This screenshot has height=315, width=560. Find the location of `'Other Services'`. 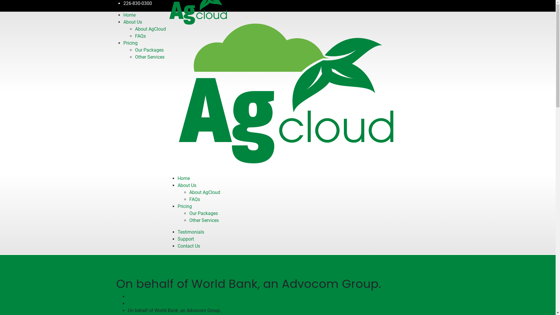

'Other Services' is located at coordinates (149, 57).